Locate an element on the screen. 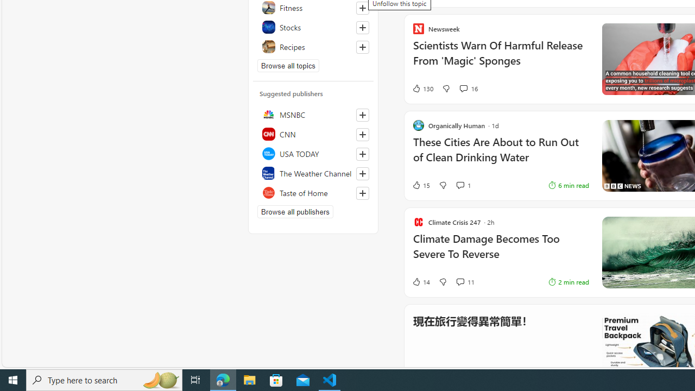  '130 Like' is located at coordinates (422, 88).